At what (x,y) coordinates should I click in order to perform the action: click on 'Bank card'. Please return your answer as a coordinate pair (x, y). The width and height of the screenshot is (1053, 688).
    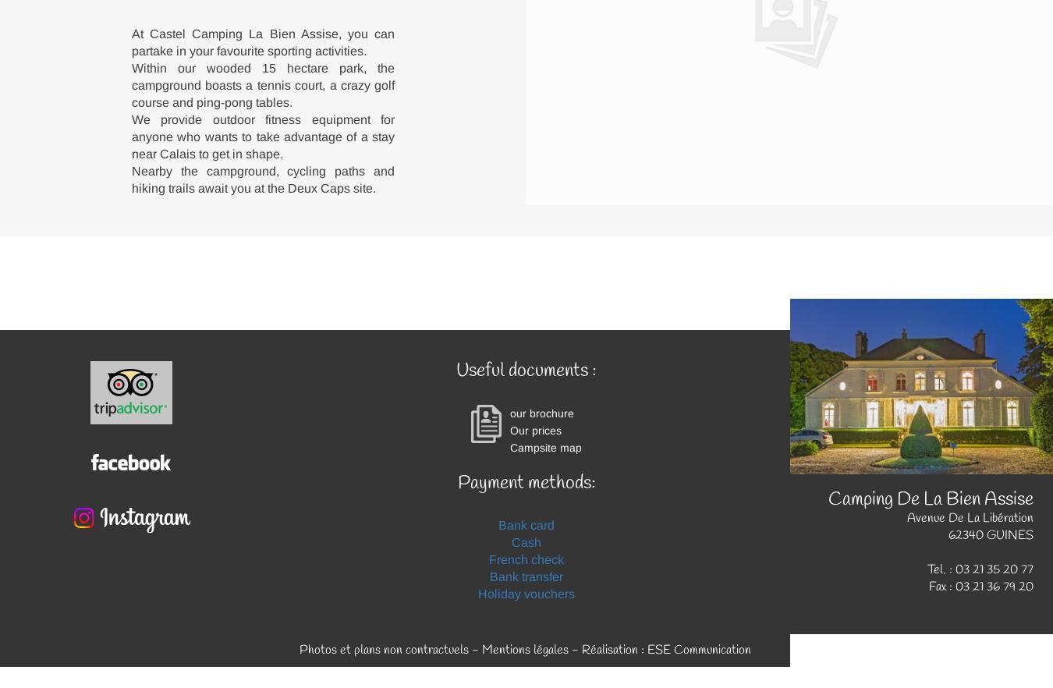
    Looking at the image, I should click on (498, 524).